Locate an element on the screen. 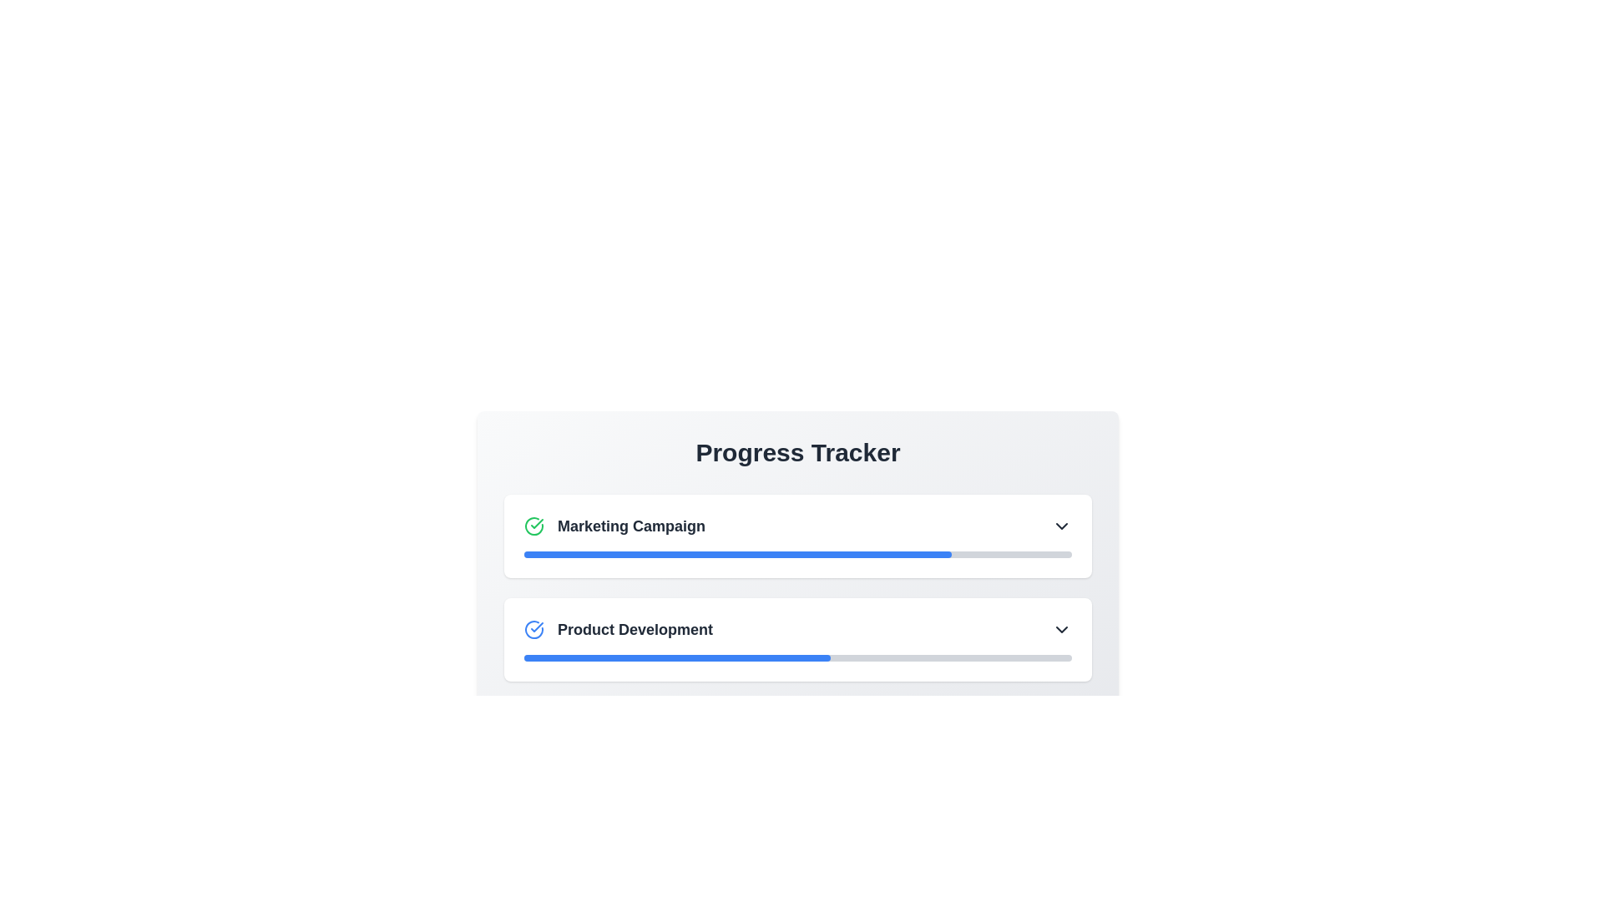 The image size is (1603, 901). the circular blue checkmark icon positioned to the left of the text 'Product Development' is located at coordinates (533, 630).